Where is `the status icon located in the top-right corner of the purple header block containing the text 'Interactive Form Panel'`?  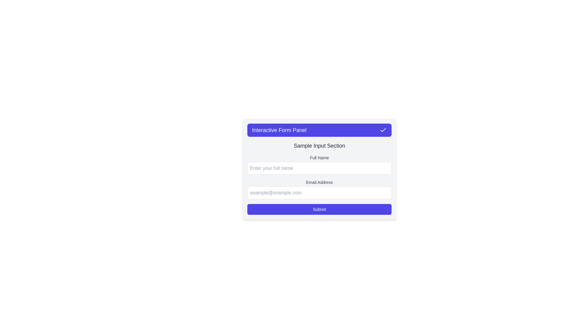 the status icon located in the top-right corner of the purple header block containing the text 'Interactive Form Panel' is located at coordinates (383, 130).